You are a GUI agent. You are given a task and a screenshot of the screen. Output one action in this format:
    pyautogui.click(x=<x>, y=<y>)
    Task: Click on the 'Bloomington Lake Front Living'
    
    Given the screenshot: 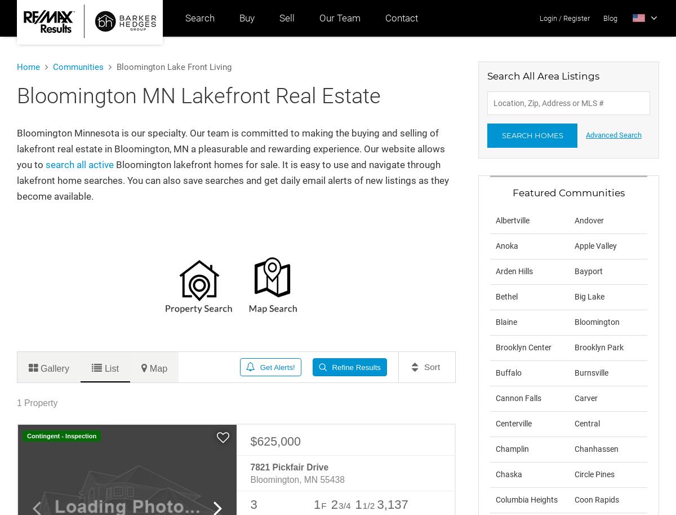 What is the action you would take?
    pyautogui.click(x=172, y=67)
    